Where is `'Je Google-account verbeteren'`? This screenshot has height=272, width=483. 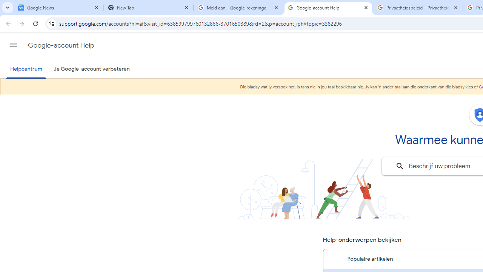 'Je Google-account verbeteren' is located at coordinates (91, 69).